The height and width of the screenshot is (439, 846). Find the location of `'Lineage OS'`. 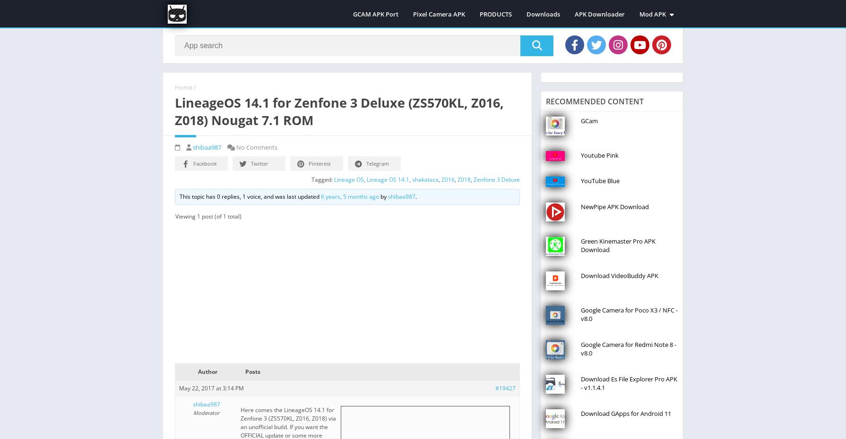

'Lineage OS' is located at coordinates (348, 178).